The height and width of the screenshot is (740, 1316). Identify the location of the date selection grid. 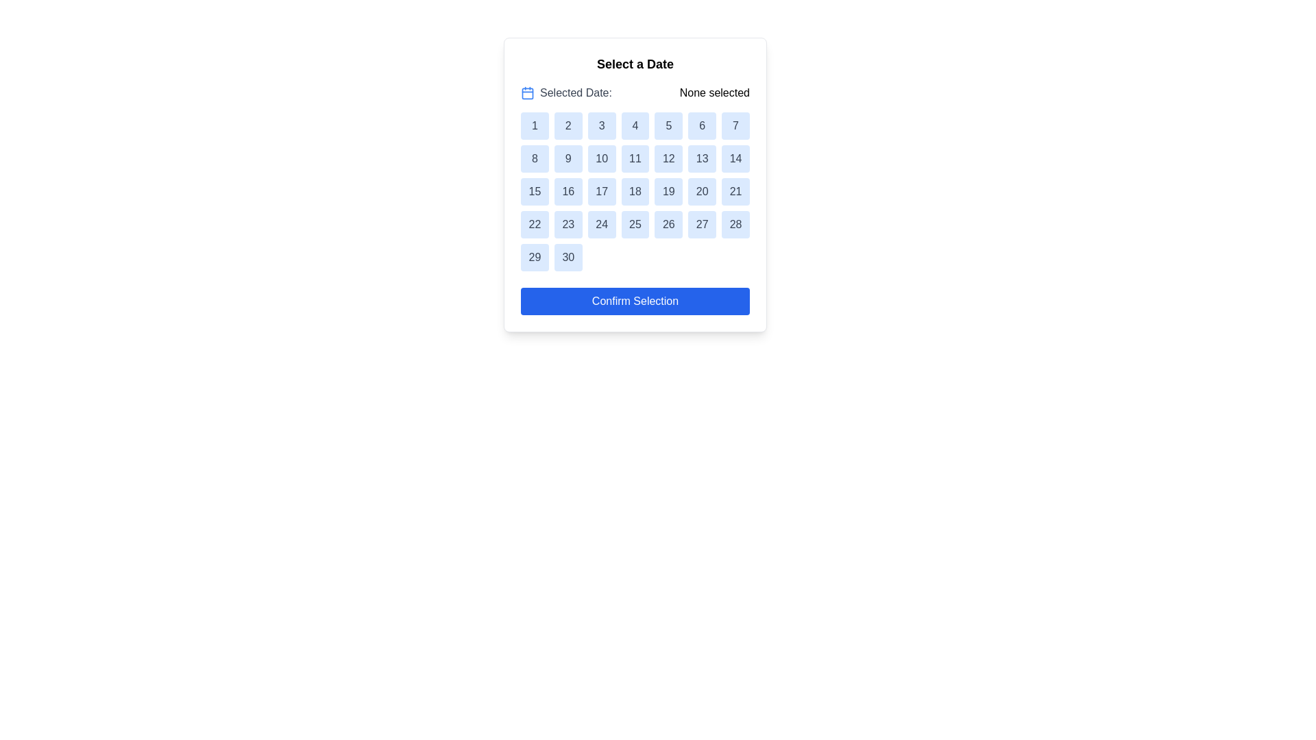
(634, 192).